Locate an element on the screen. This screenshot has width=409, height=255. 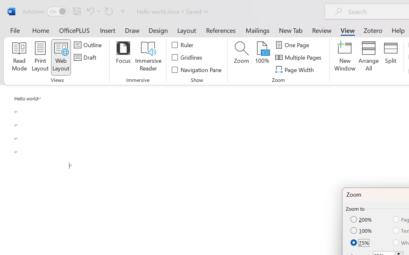
'Outline' is located at coordinates (89, 45).